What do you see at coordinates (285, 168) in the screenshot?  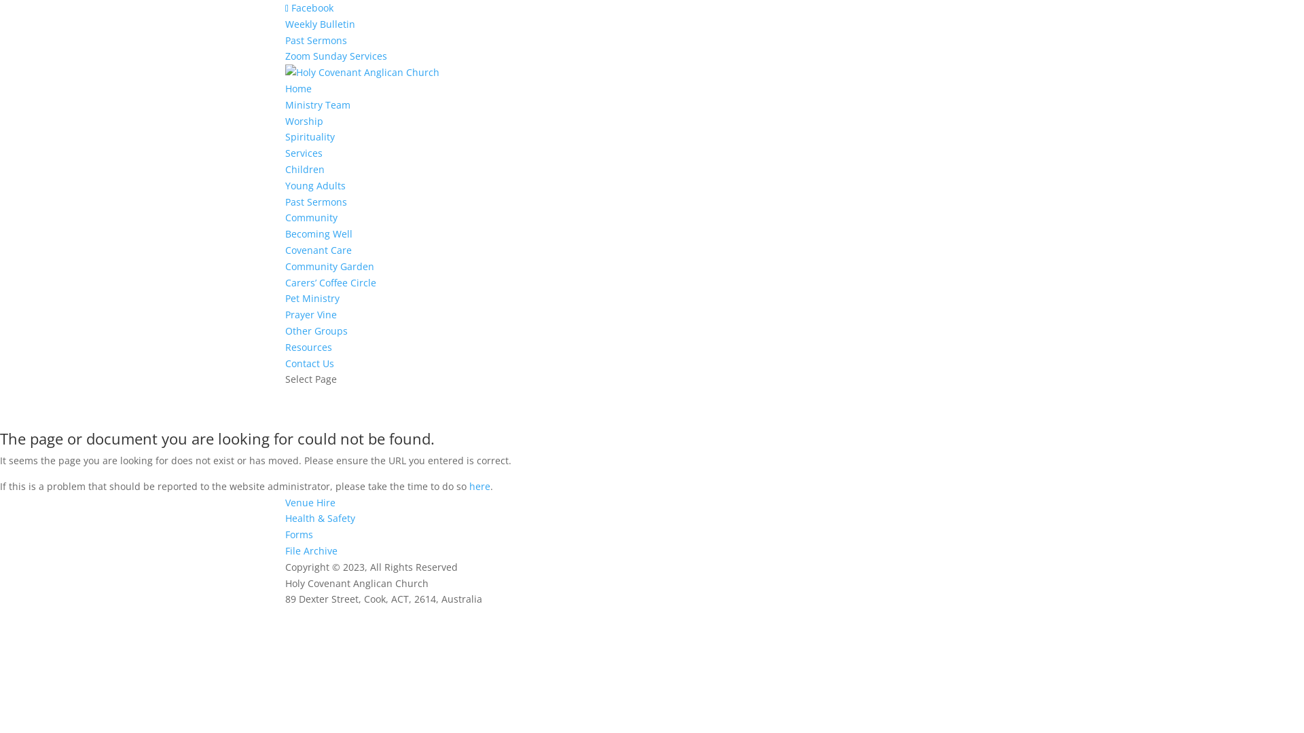 I see `'Children'` at bounding box center [285, 168].